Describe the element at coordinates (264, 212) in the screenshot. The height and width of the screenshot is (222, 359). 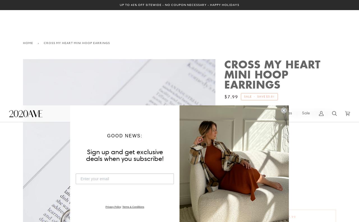
I see `'FINAL SALE ITEM. NO RETURNS/EXCHANGES.'` at that location.